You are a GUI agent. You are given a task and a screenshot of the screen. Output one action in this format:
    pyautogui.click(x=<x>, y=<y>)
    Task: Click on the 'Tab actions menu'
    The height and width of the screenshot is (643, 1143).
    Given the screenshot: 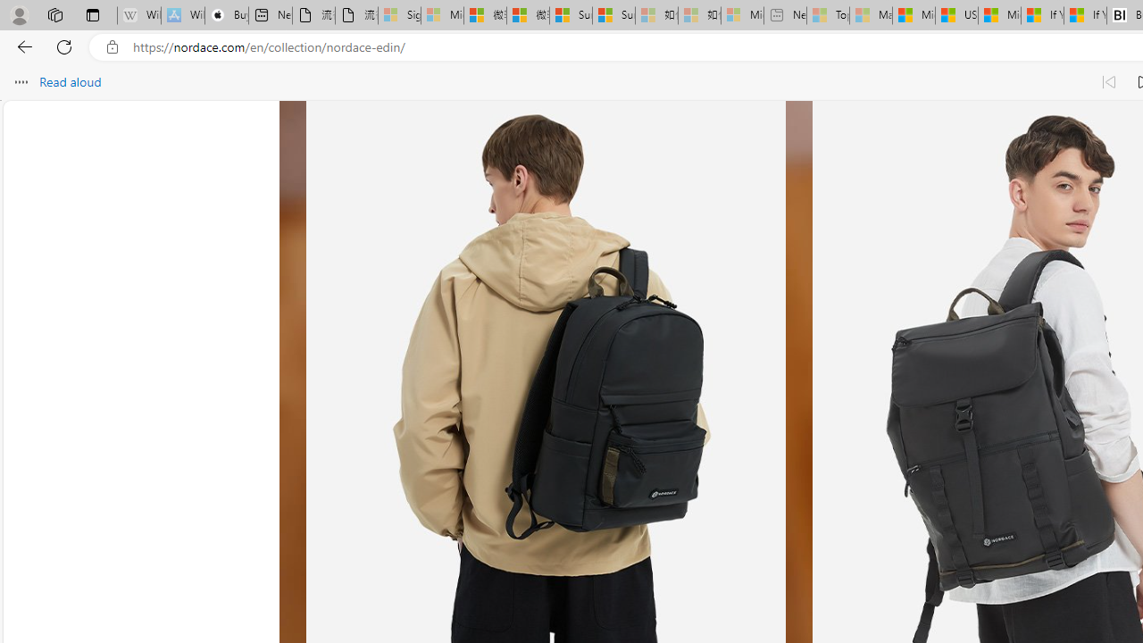 What is the action you would take?
    pyautogui.click(x=92, y=14)
    